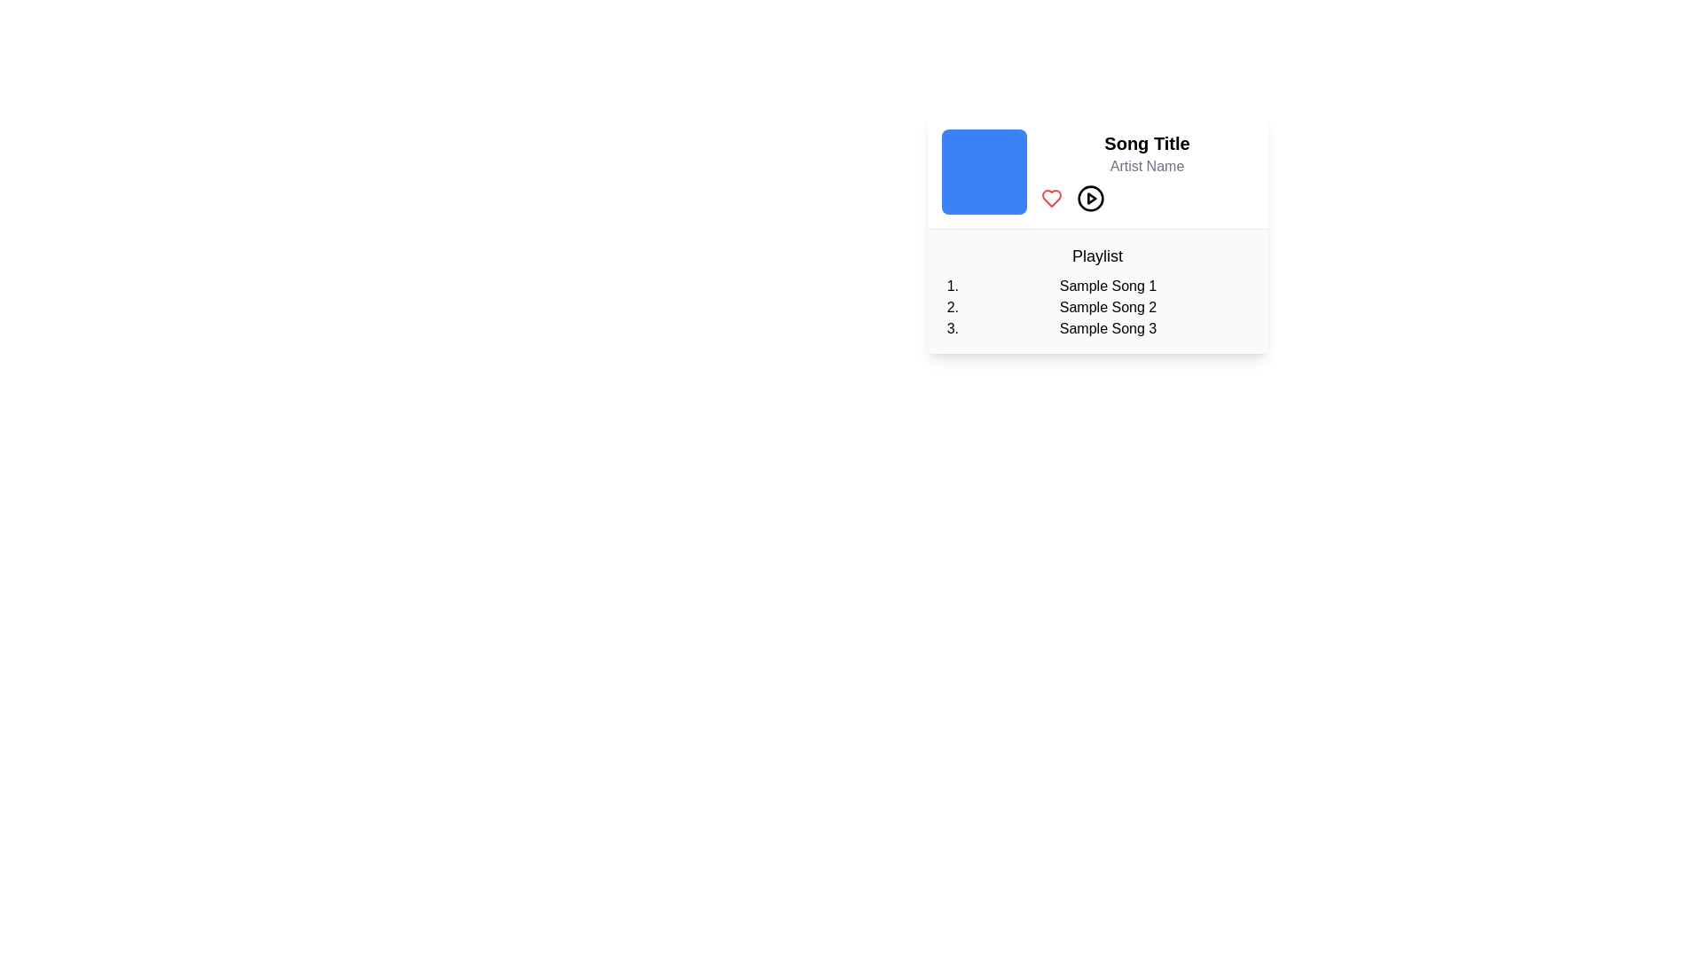 The image size is (1703, 958). What do you see at coordinates (1051, 198) in the screenshot?
I see `the heart-shaped icon, which serves as a favorite or like button, located in the upper-left quadrant of the card interface` at bounding box center [1051, 198].